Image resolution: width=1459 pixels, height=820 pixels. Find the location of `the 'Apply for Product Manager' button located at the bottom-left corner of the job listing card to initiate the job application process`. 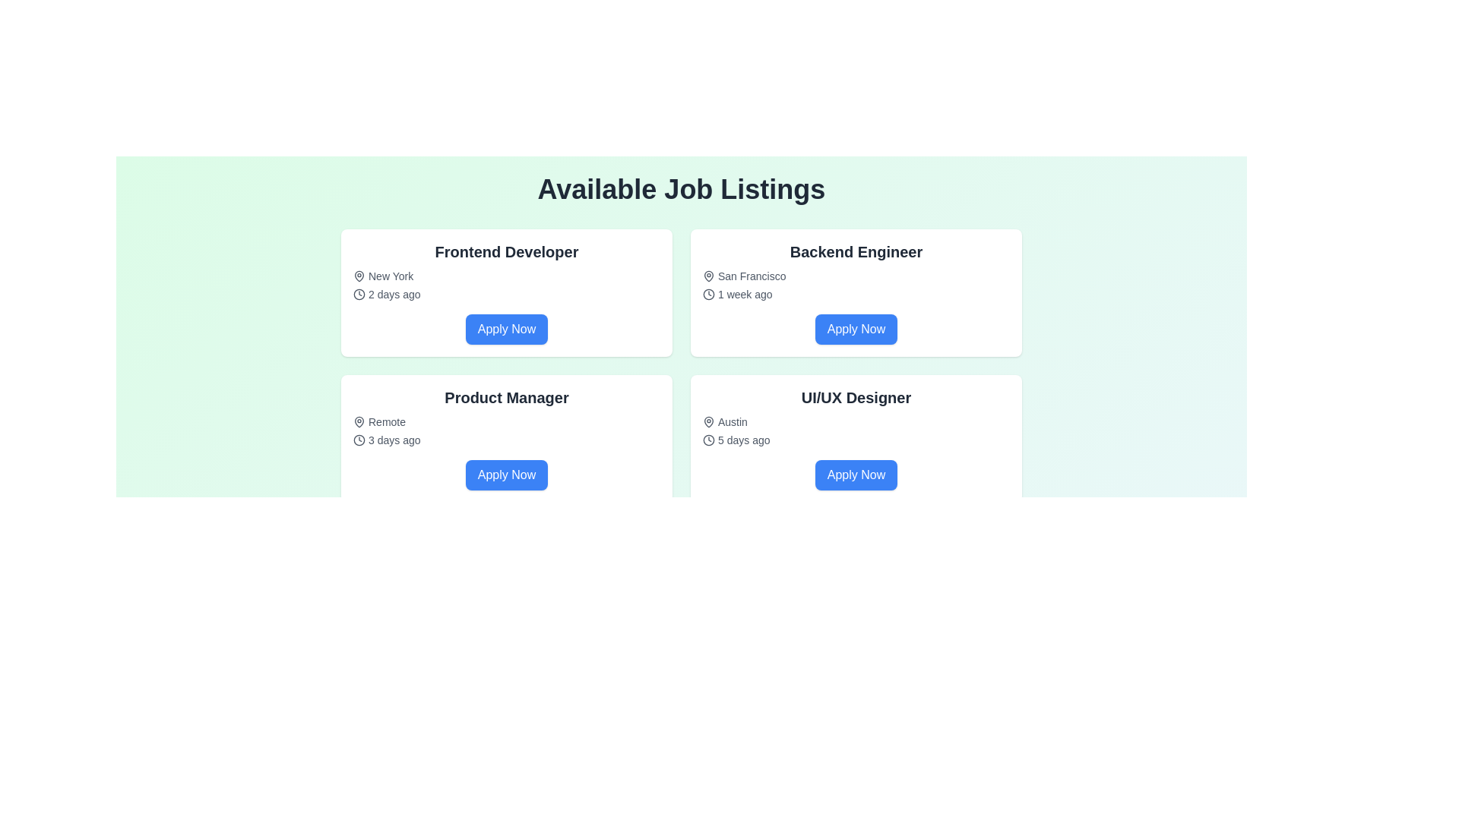

the 'Apply for Product Manager' button located at the bottom-left corner of the job listing card to initiate the job application process is located at coordinates (507, 474).